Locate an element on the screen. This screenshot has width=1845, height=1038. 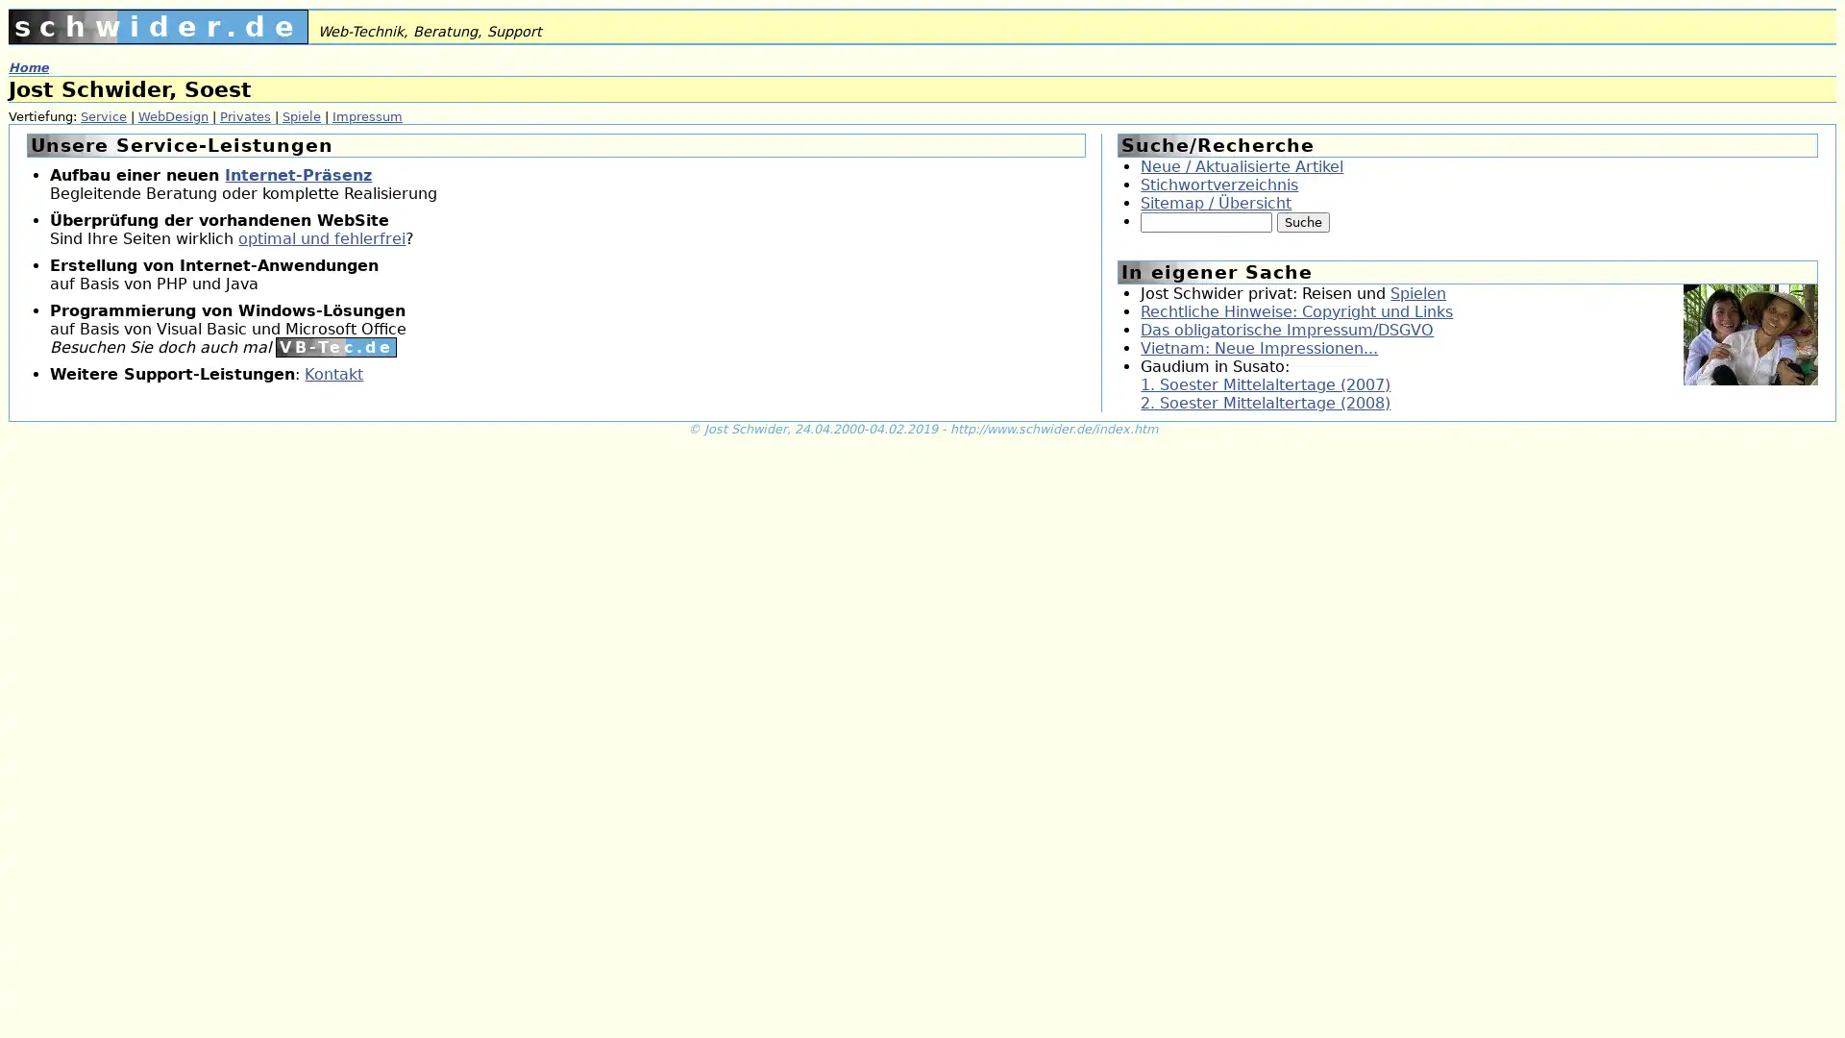
Suche is located at coordinates (1303, 221).